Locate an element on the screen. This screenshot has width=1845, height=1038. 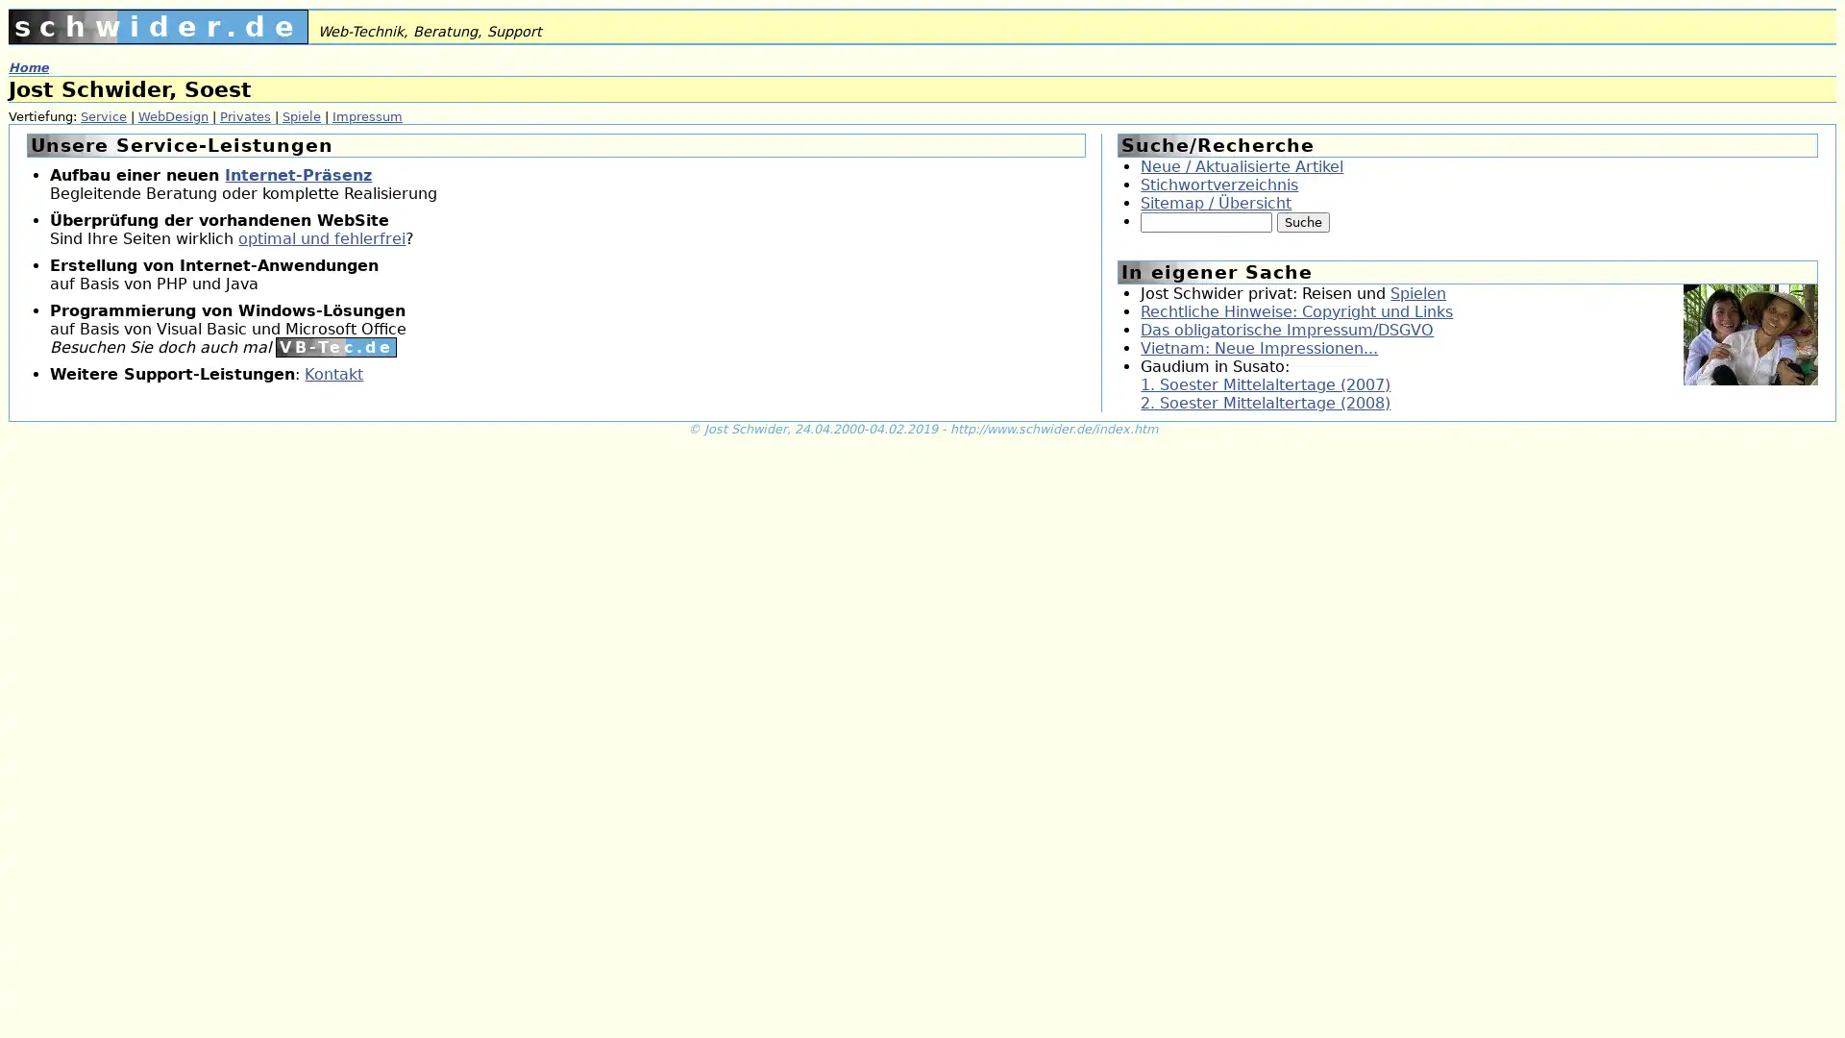
Suche is located at coordinates (1303, 221).